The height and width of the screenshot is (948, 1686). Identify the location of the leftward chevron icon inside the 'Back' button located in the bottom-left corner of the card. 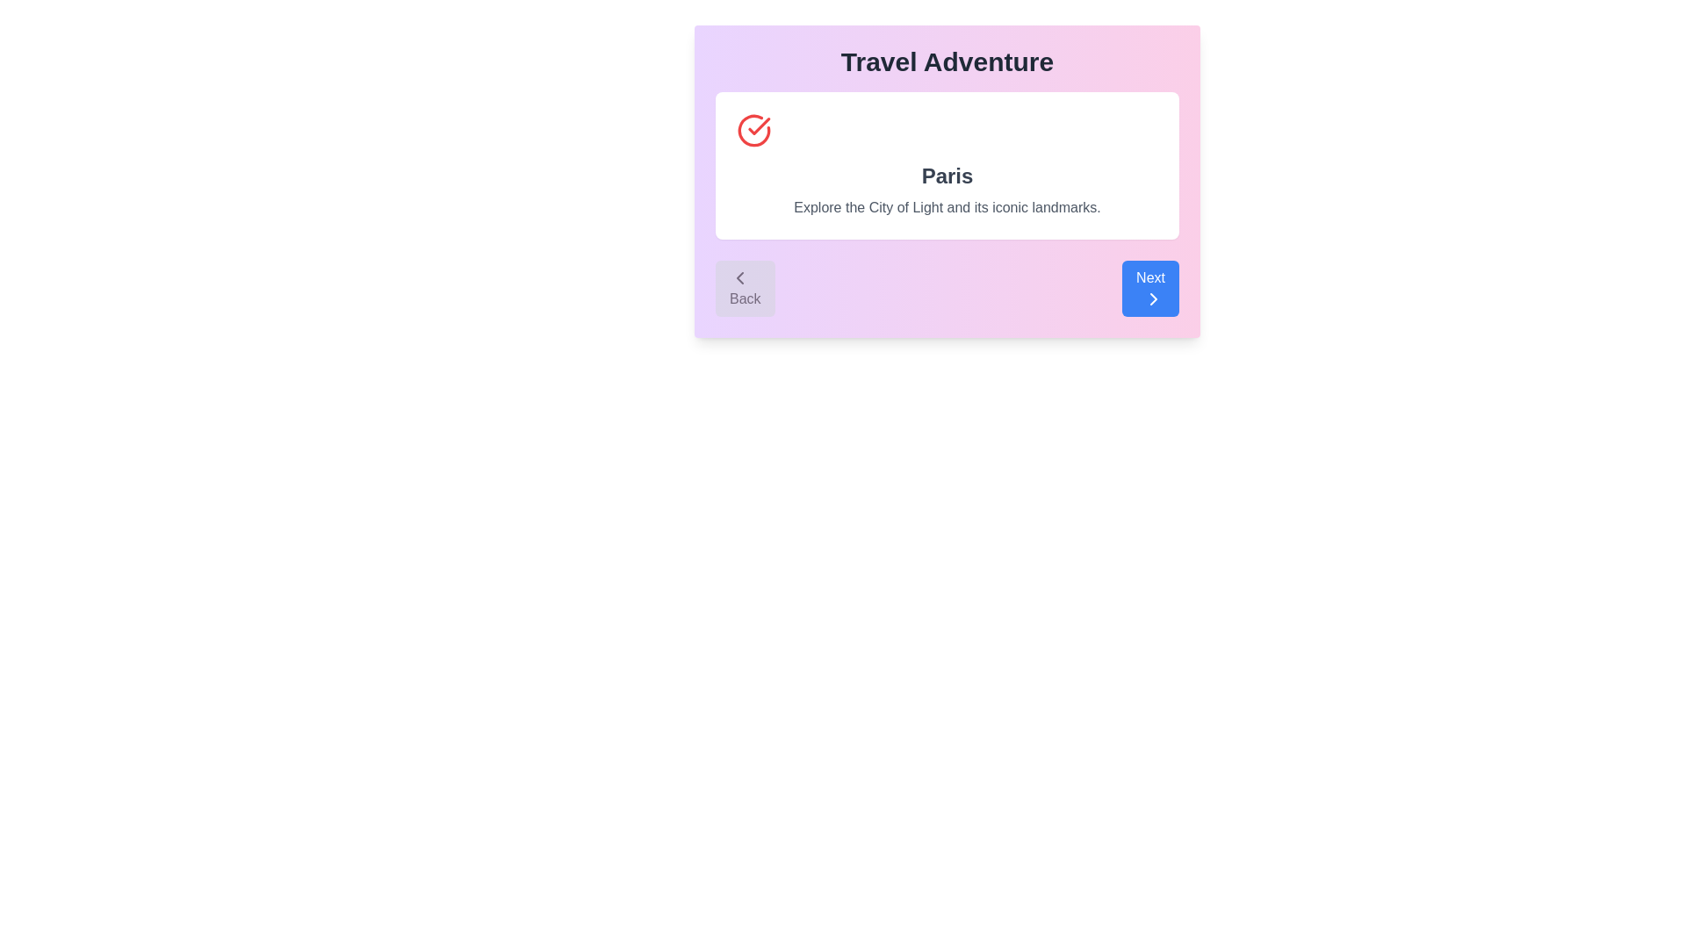
(740, 276).